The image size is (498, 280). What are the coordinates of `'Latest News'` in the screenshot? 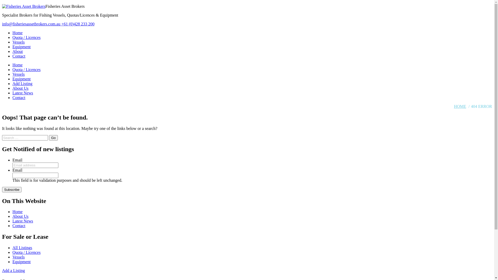 It's located at (22, 221).